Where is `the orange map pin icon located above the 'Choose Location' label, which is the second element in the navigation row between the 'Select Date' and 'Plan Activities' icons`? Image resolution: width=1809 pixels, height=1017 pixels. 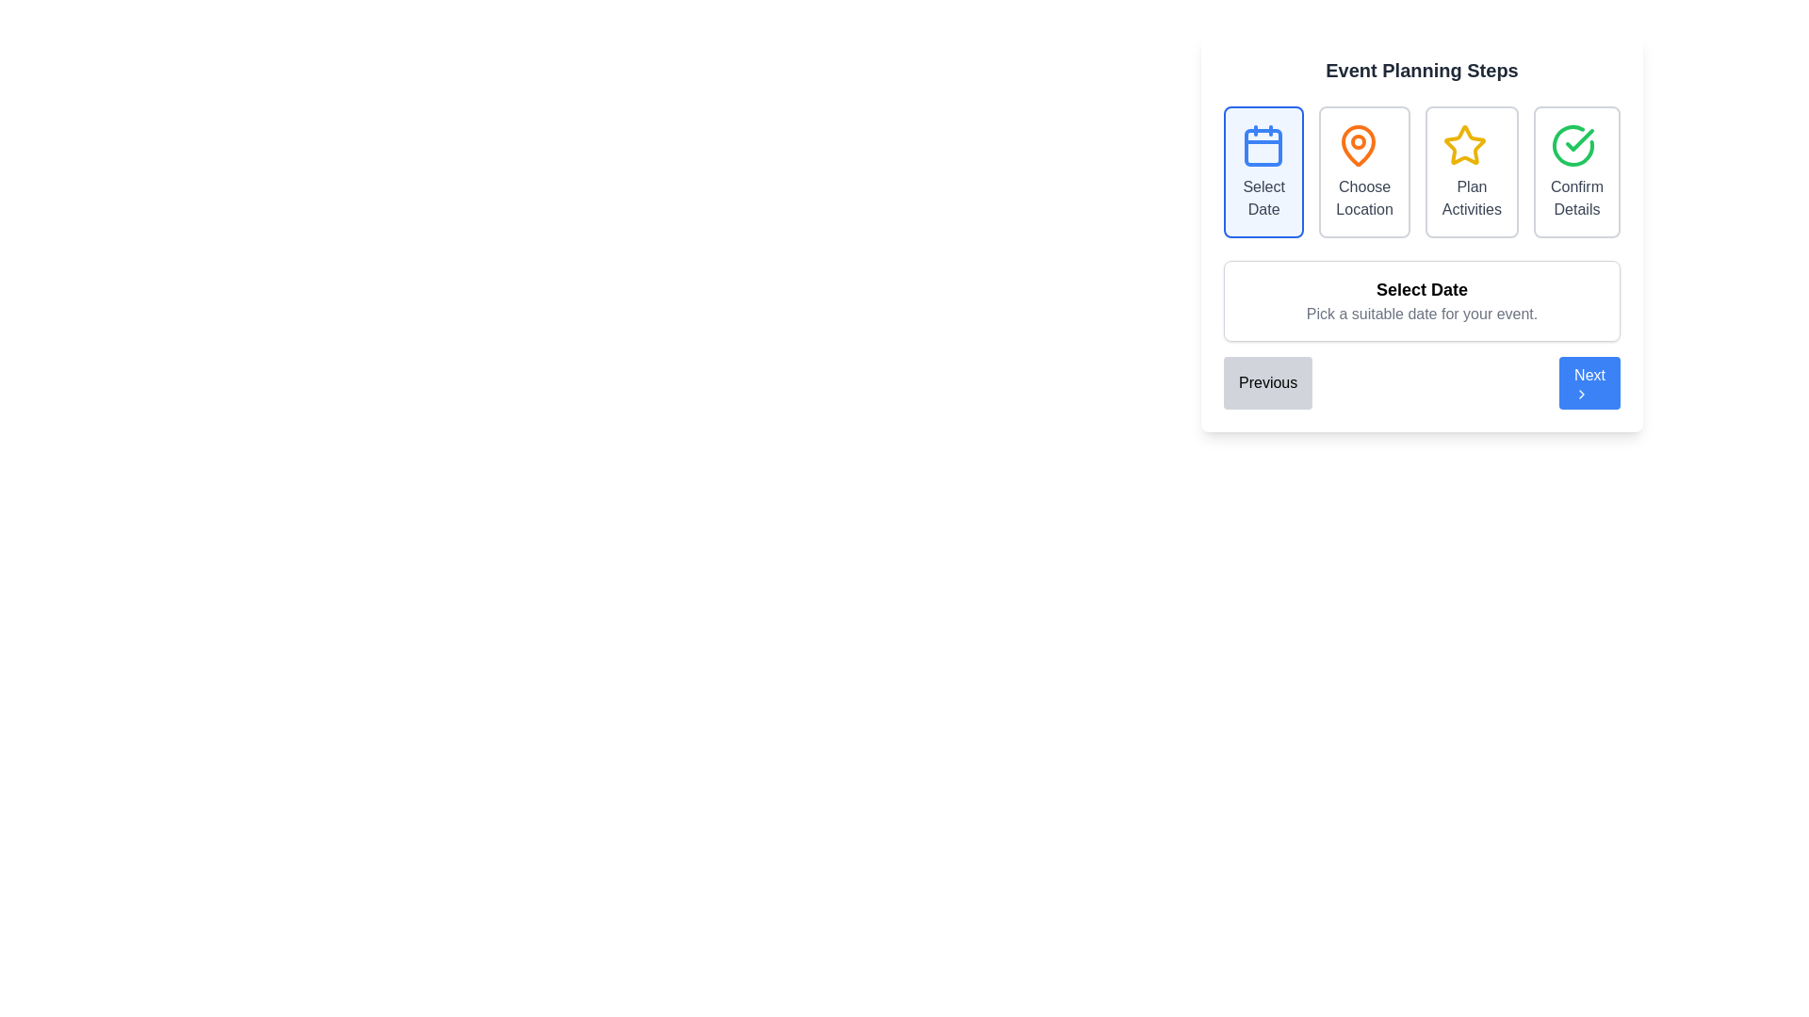 the orange map pin icon located above the 'Choose Location' label, which is the second element in the navigation row between the 'Select Date' and 'Plan Activities' icons is located at coordinates (1359, 144).